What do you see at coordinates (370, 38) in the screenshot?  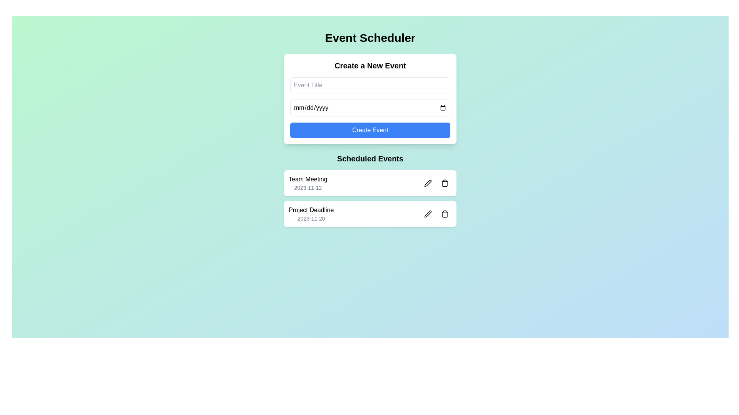 I see `the bold text header labeled 'Event Scheduler', which is prominently styled and located at the top of the interface` at bounding box center [370, 38].